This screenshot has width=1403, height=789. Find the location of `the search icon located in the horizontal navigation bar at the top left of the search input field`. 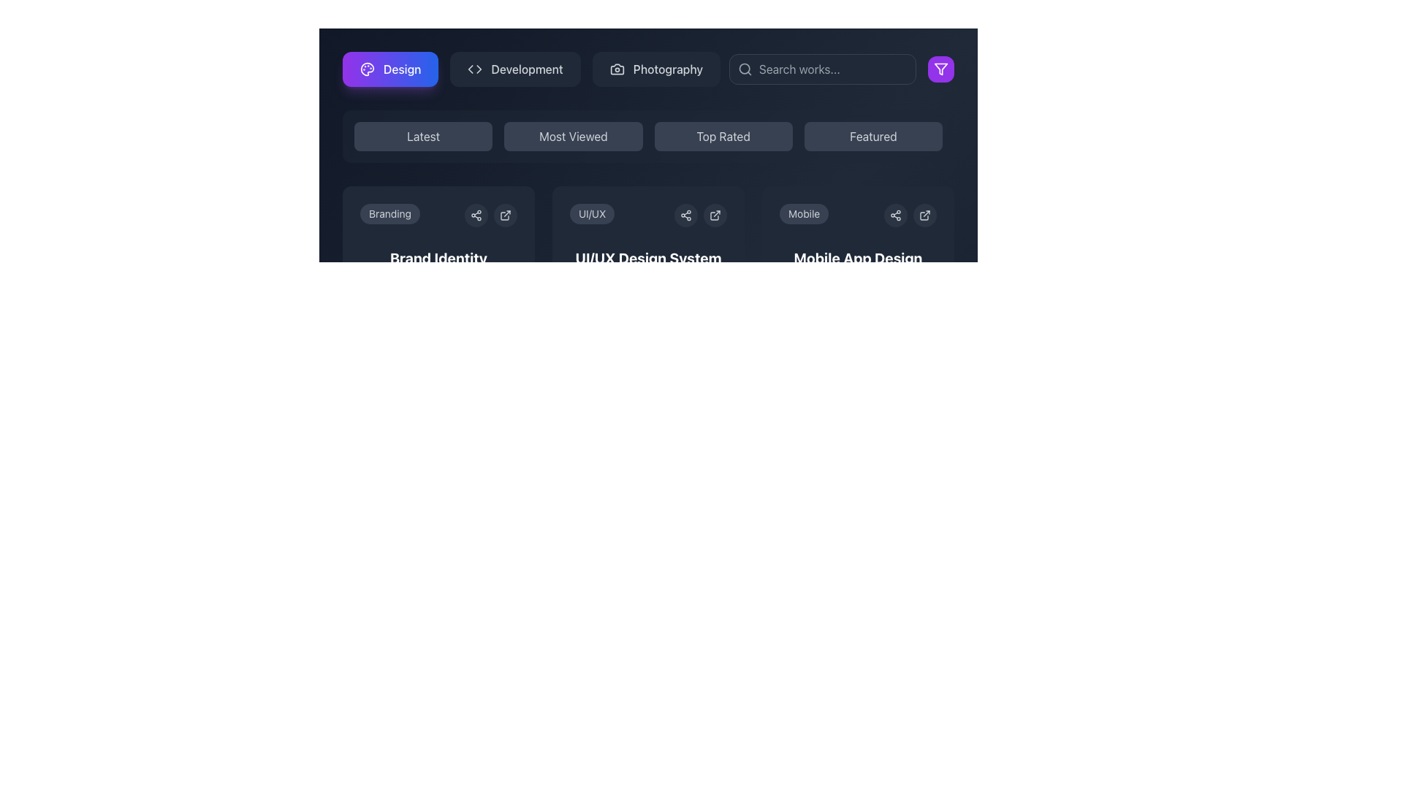

the search icon located in the horizontal navigation bar at the top left of the search input field is located at coordinates (745, 69).